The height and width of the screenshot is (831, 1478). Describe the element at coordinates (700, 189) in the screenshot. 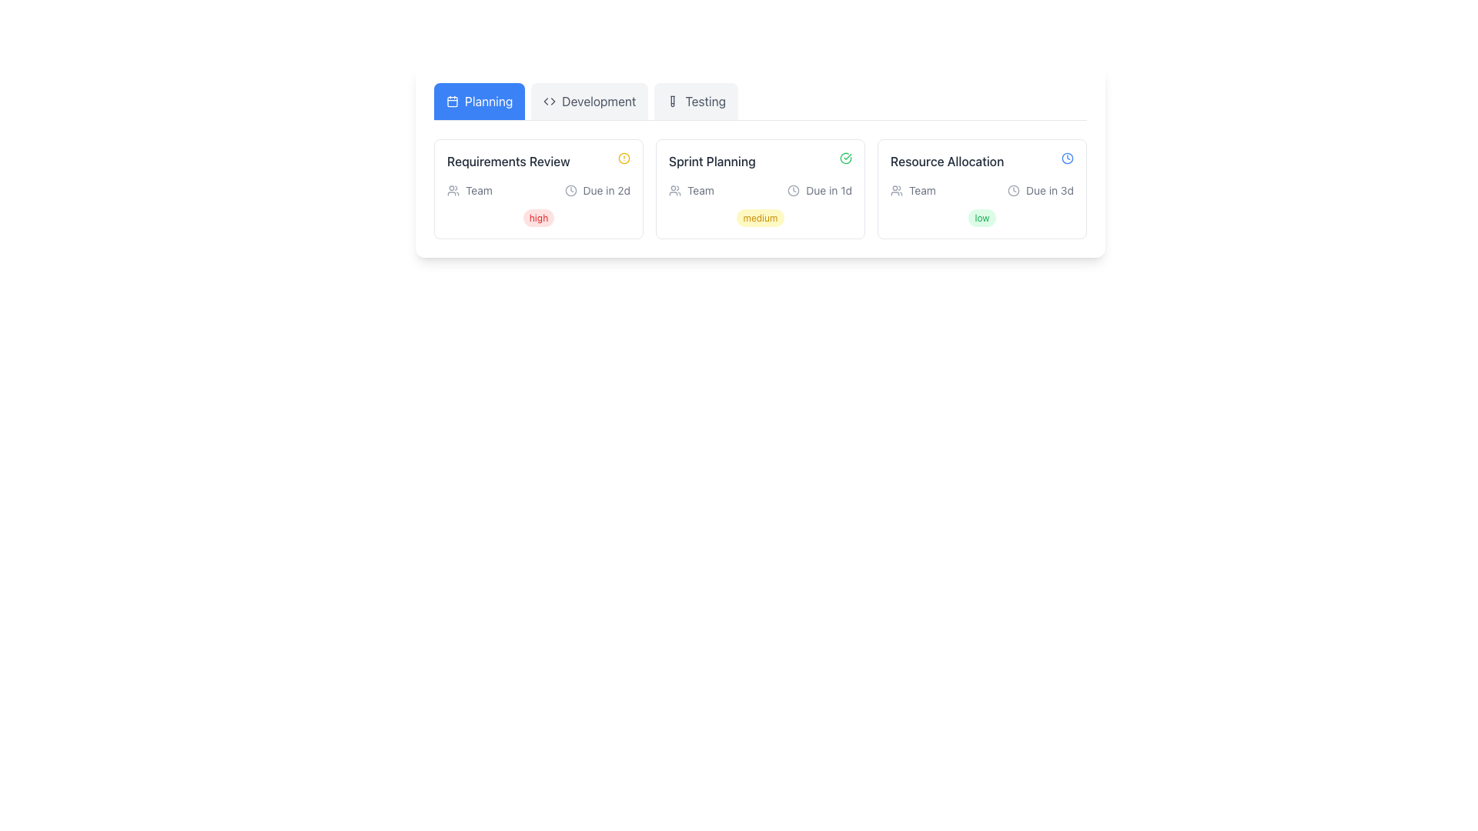

I see `text label indicating the responsible group or entity for the associated task or project located beneath the 'Sprint Planning' task in the Planning section` at that location.